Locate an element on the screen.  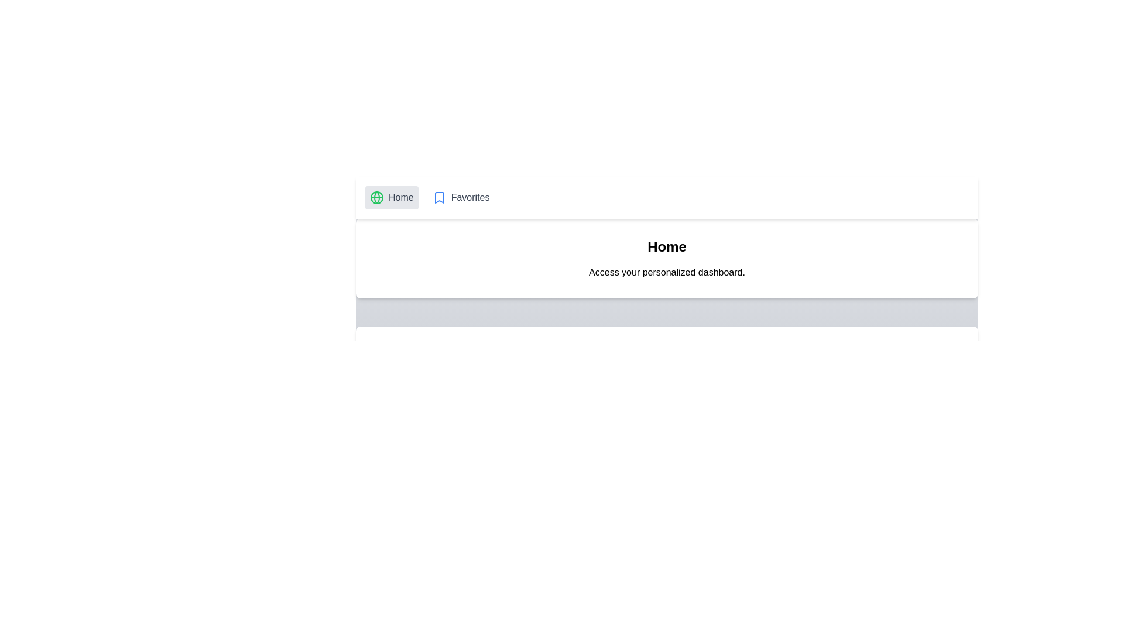
the decorative circle icon within the globe icon, which is located to the left of the 'Home' text label in the navigation bar is located at coordinates (376, 197).